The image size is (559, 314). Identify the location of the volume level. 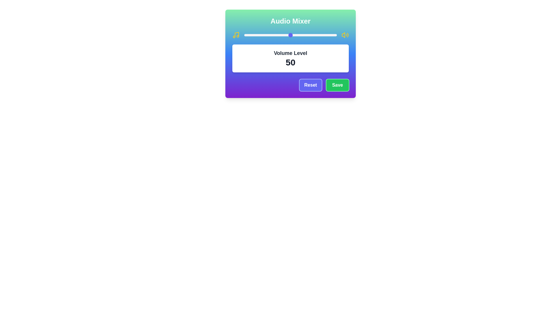
(313, 35).